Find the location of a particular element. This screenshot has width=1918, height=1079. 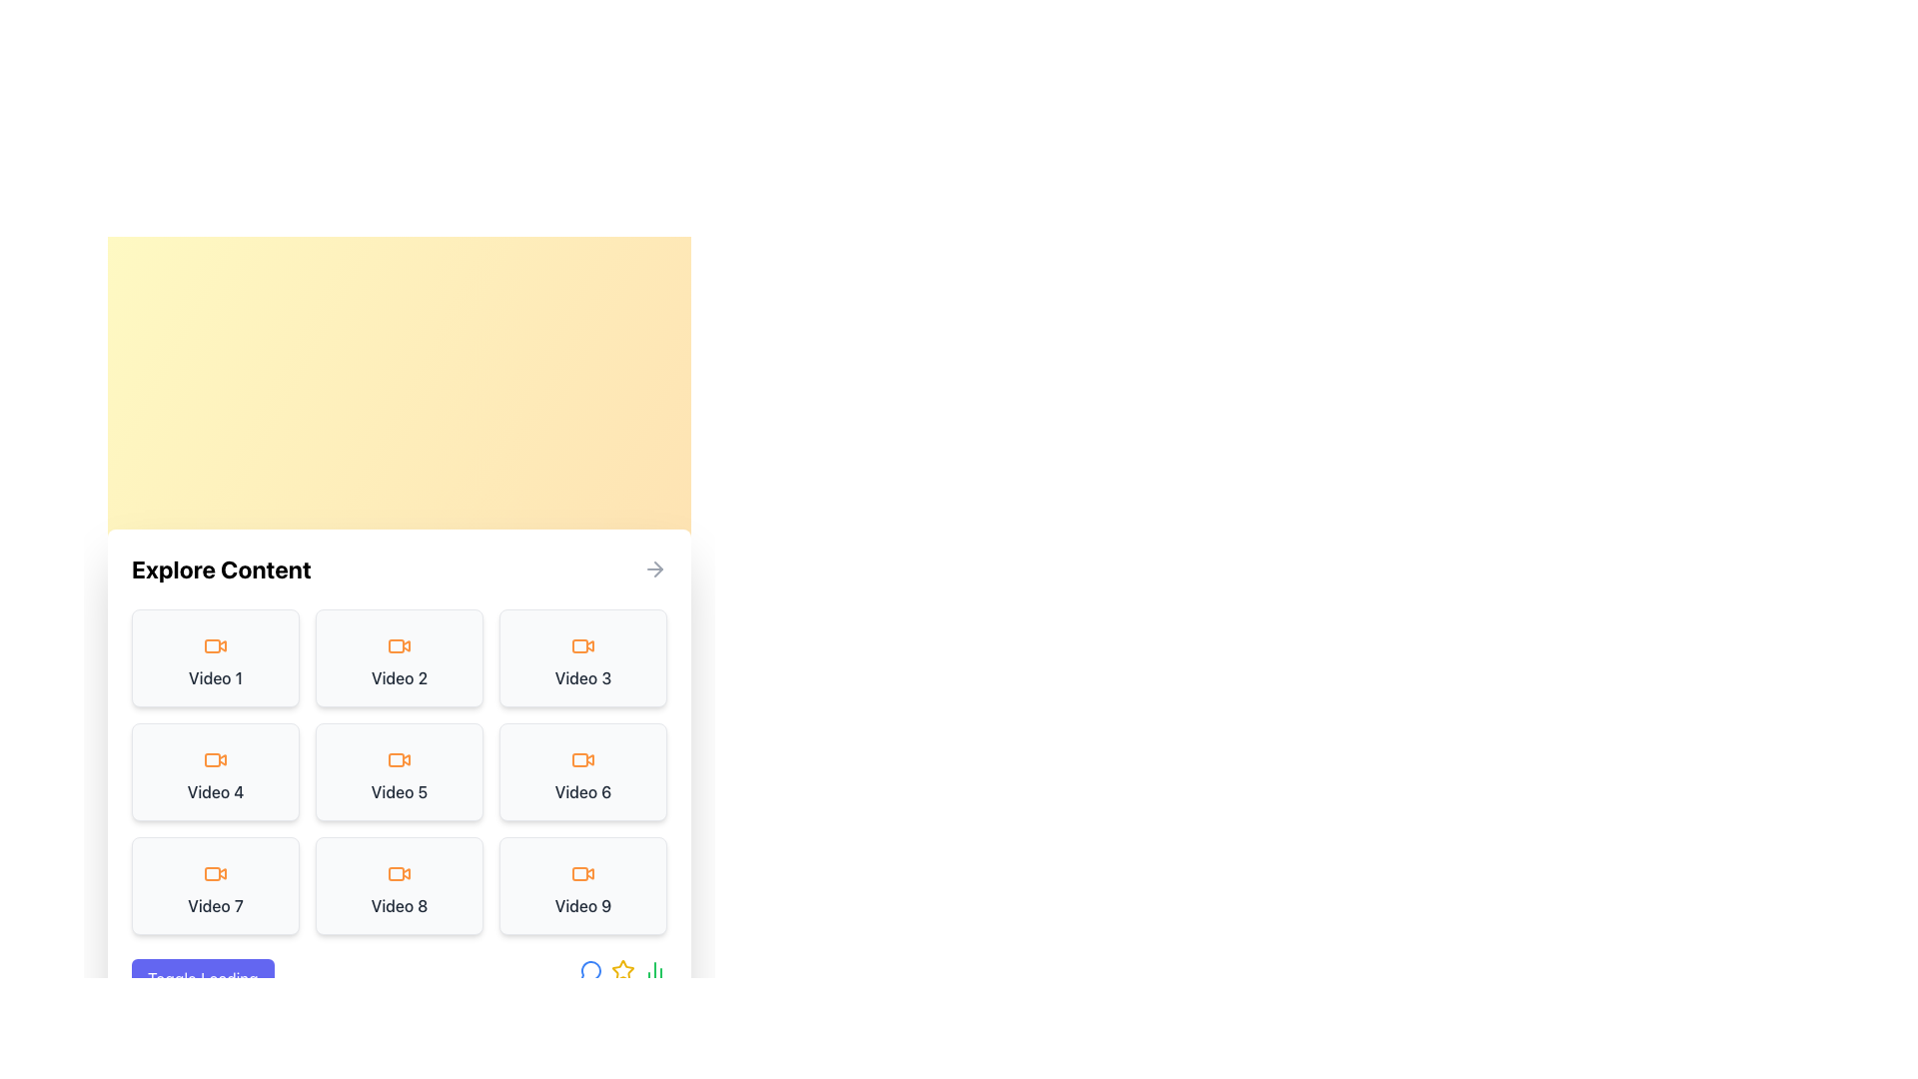

the orange video camera icon located in the 'Video 9' tile at the bottom-right corner of the grid under 'Explore Content' is located at coordinates (588, 872).